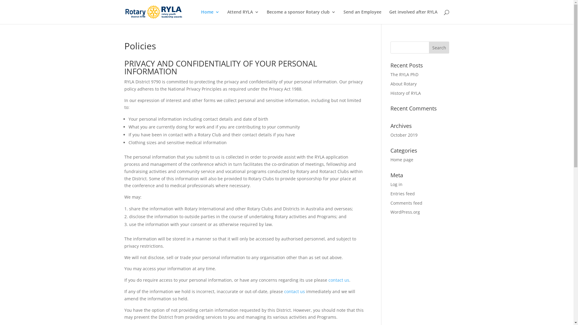  I want to click on 'The RYLA PhD', so click(390, 74).